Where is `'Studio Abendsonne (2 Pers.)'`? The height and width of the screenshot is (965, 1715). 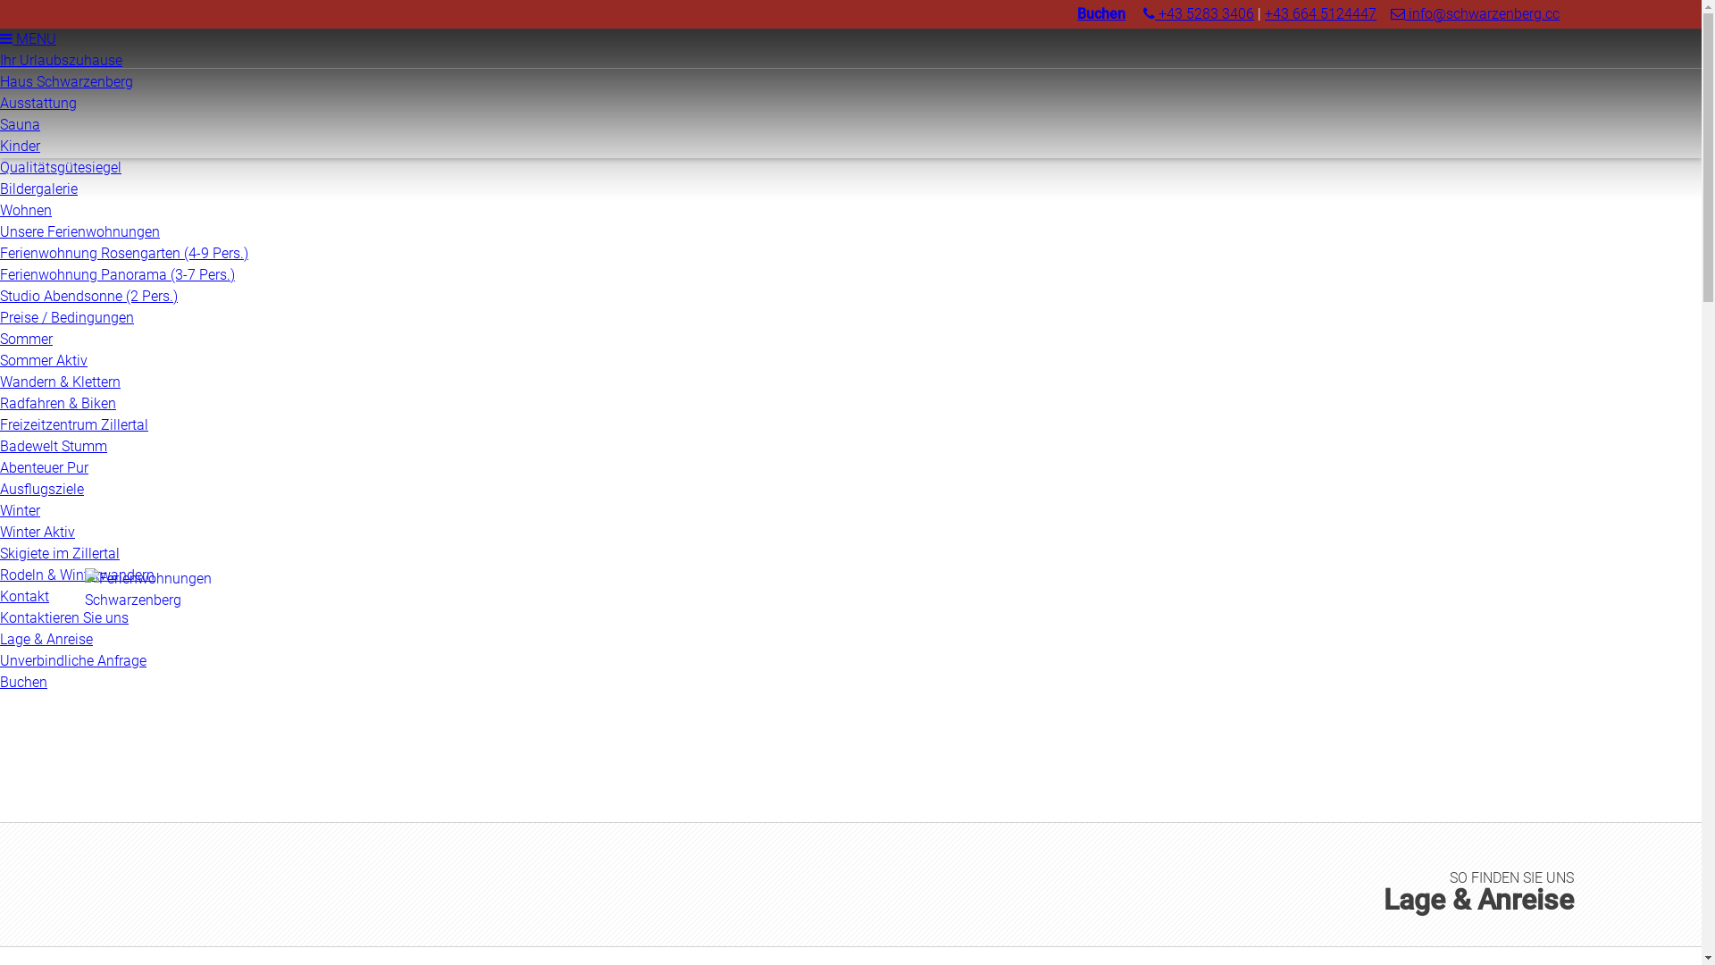 'Studio Abendsonne (2 Pers.)' is located at coordinates (88, 295).